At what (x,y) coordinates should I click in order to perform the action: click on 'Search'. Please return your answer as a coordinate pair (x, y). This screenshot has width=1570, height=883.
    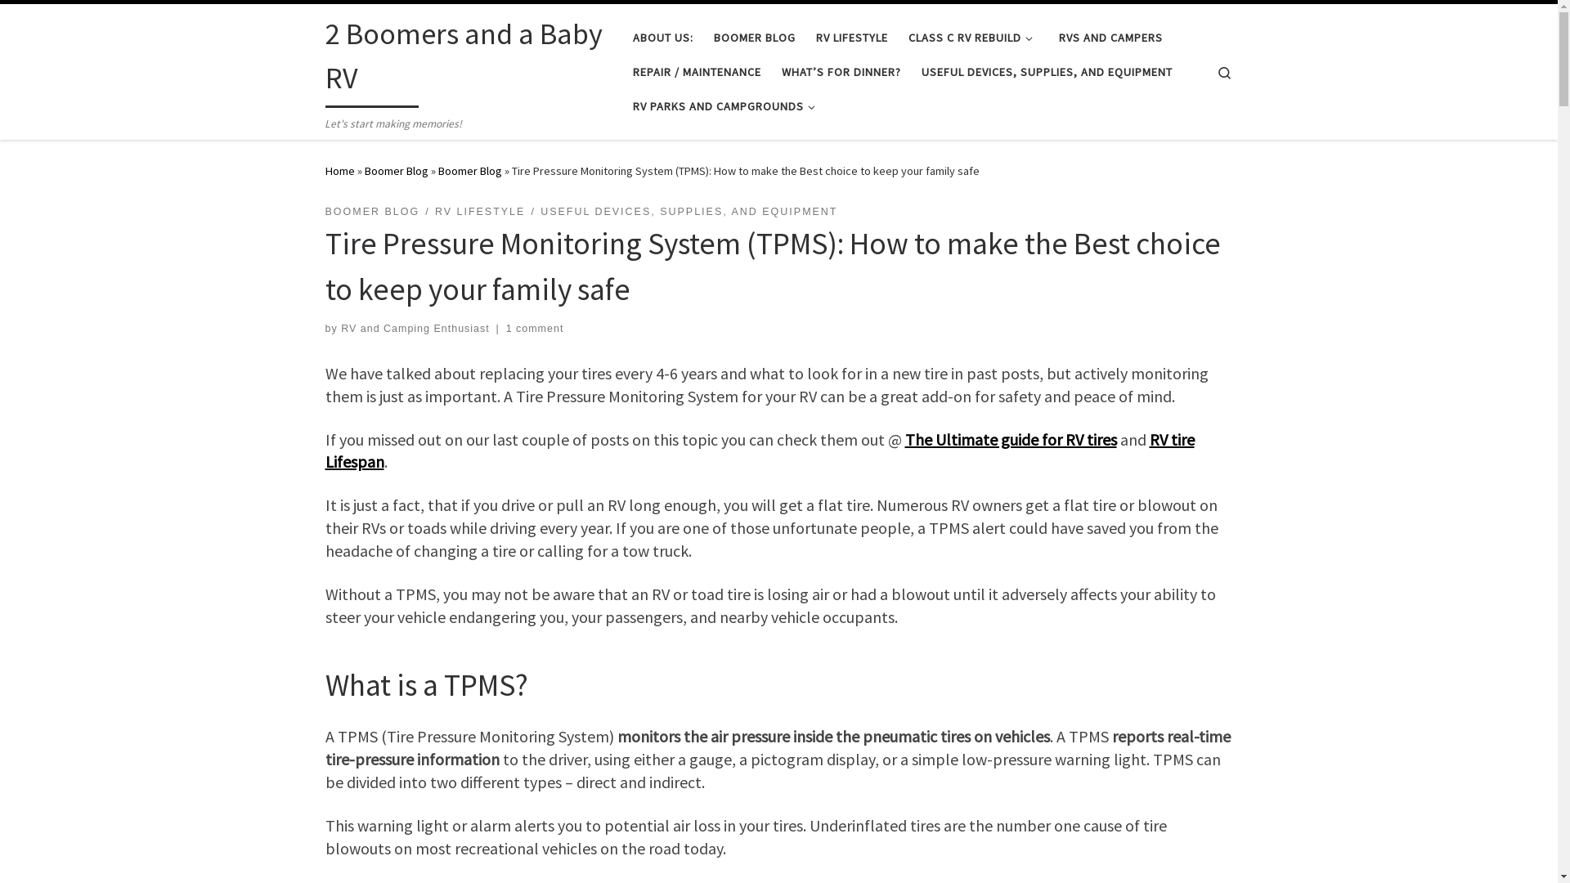
    Looking at the image, I should click on (1224, 70).